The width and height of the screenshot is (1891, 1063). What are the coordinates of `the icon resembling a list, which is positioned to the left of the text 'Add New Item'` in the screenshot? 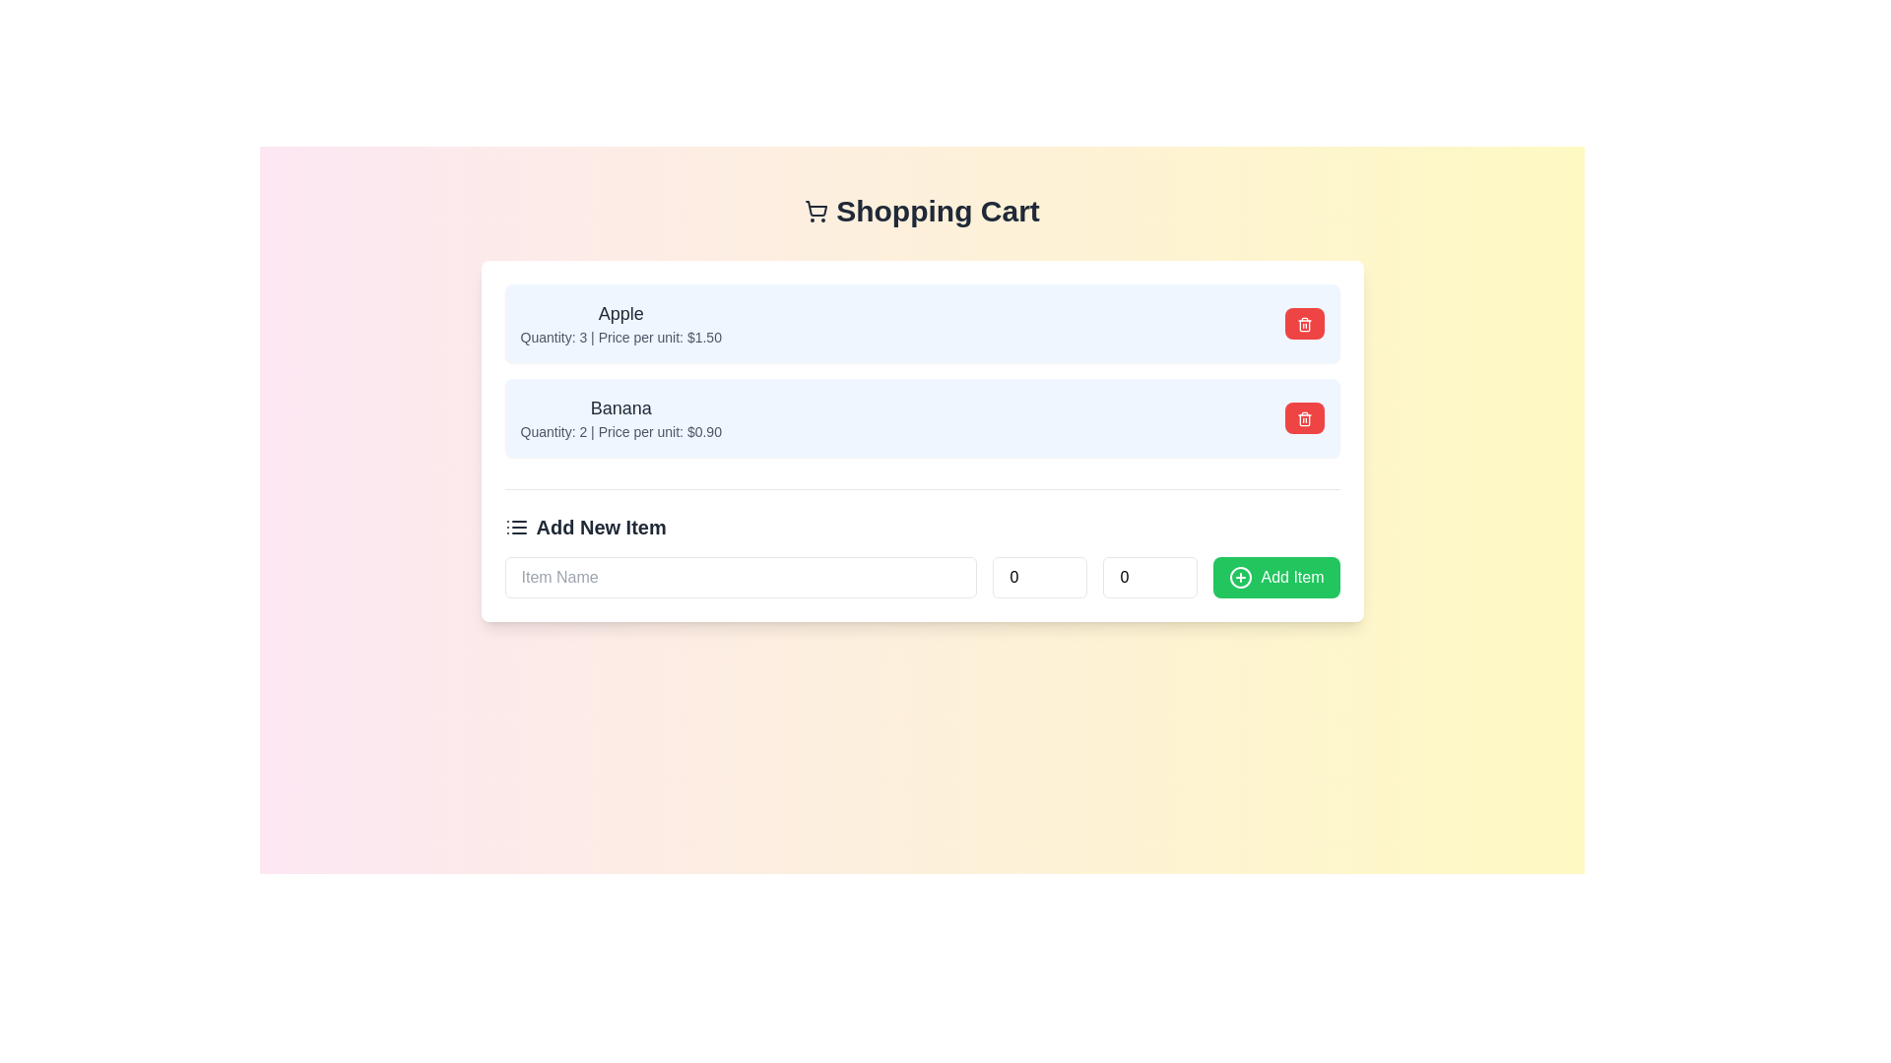 It's located at (516, 527).